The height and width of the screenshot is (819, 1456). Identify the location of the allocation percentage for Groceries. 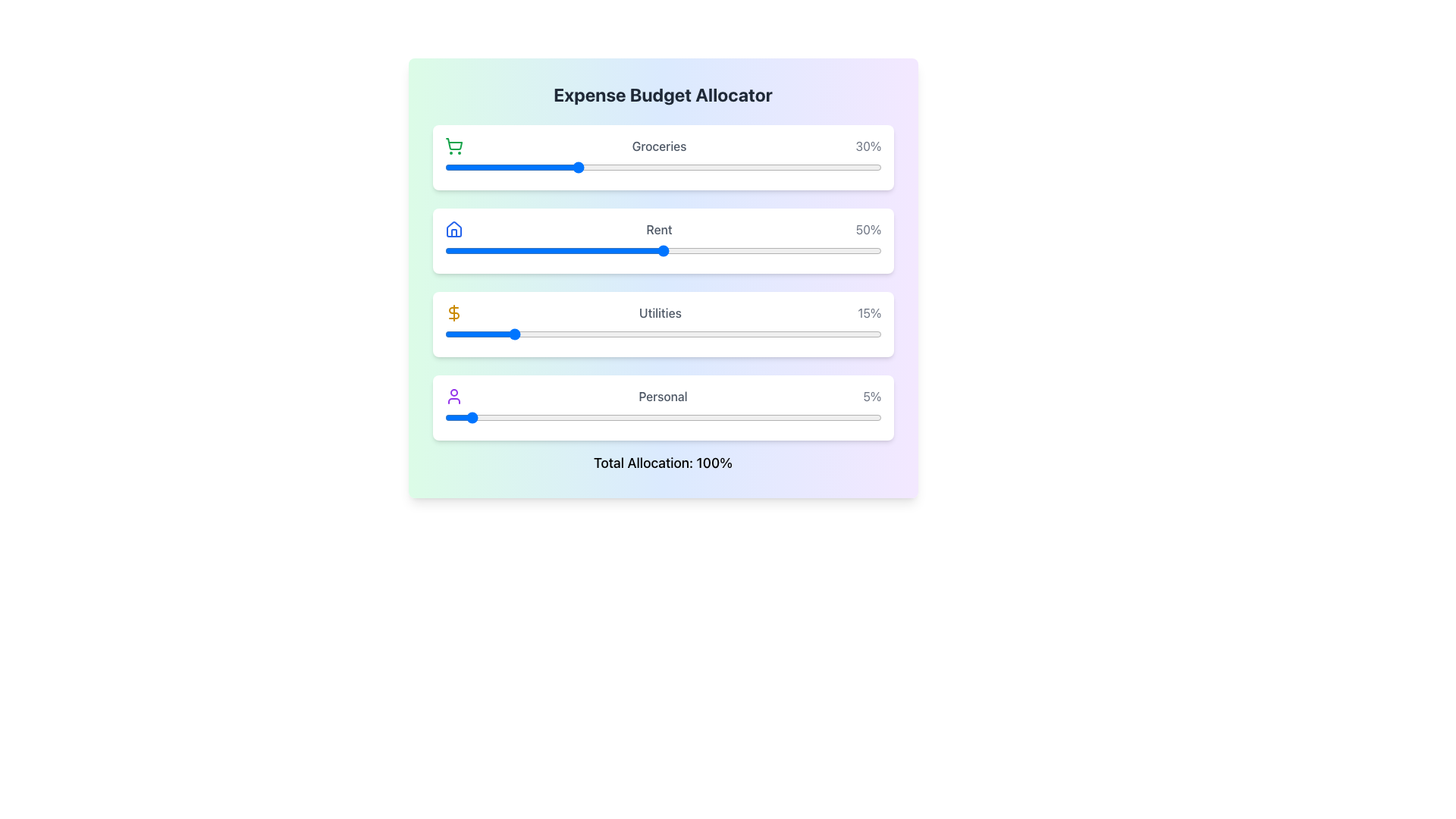
(510, 167).